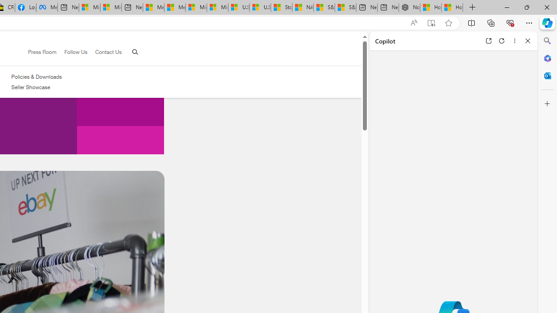  I want to click on 'Contact Us', so click(107, 52).